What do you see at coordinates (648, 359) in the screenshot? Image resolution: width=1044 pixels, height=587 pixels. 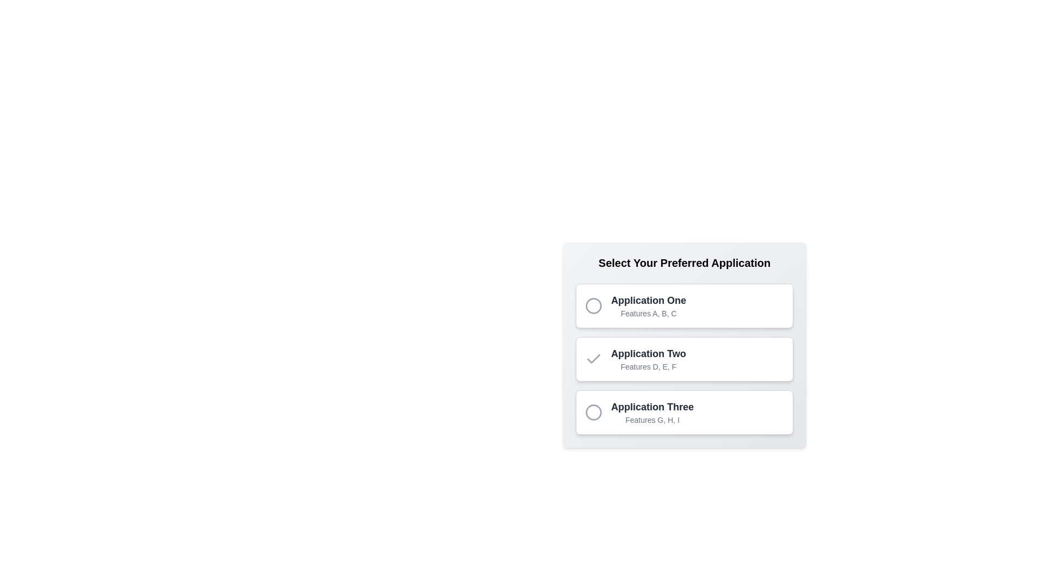 I see `the Text Display element that shows 'Application Two' with features 'D, E, F'` at bounding box center [648, 359].